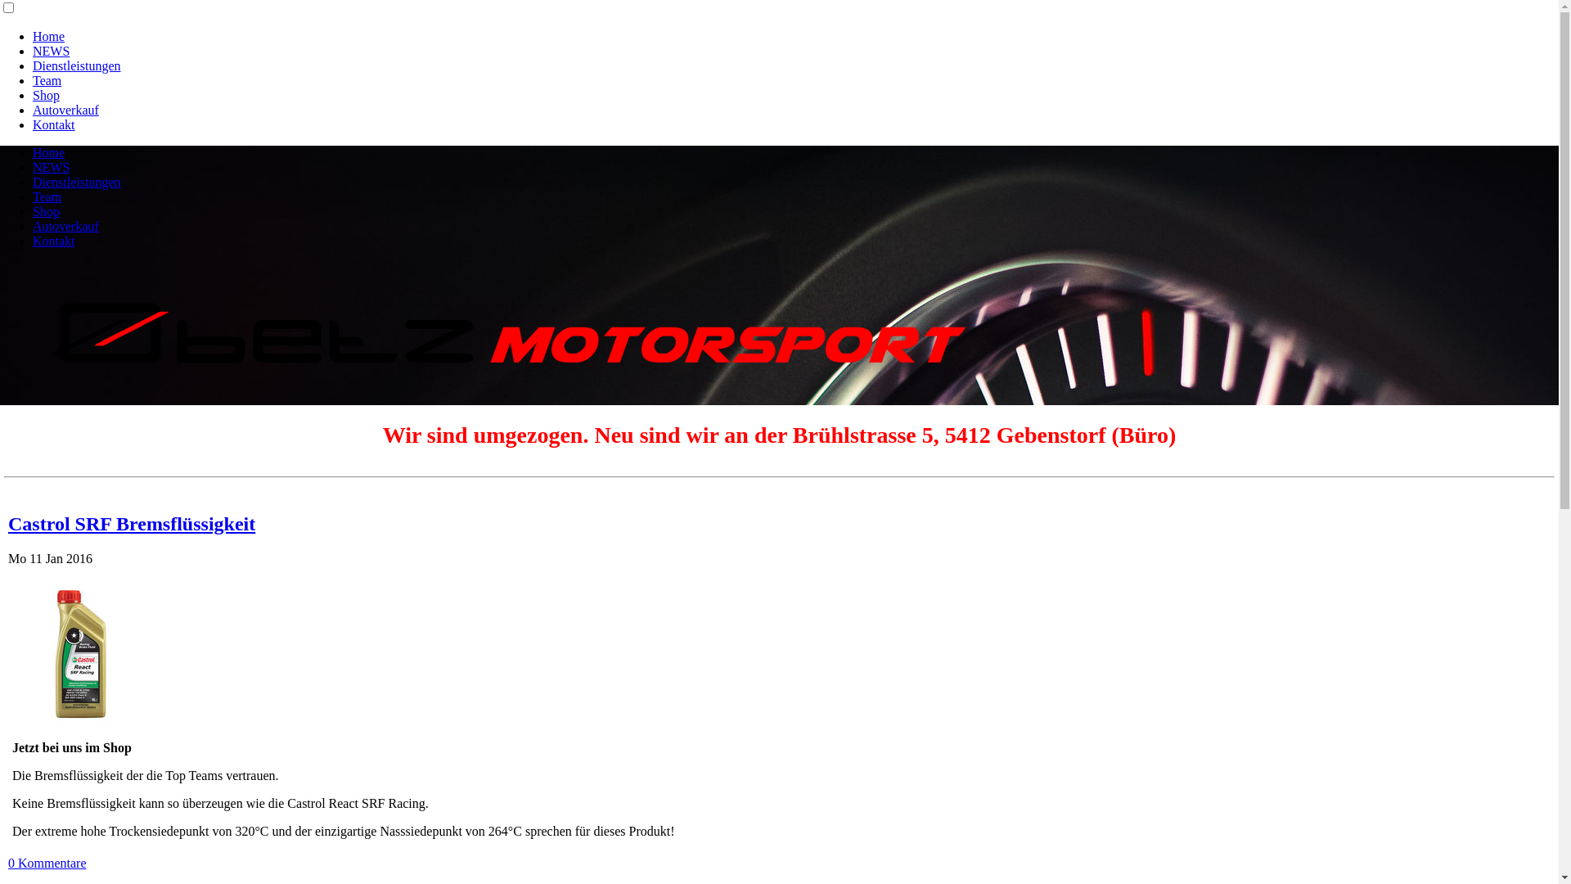 The image size is (1571, 884). What do you see at coordinates (51, 50) in the screenshot?
I see `'NEWS'` at bounding box center [51, 50].